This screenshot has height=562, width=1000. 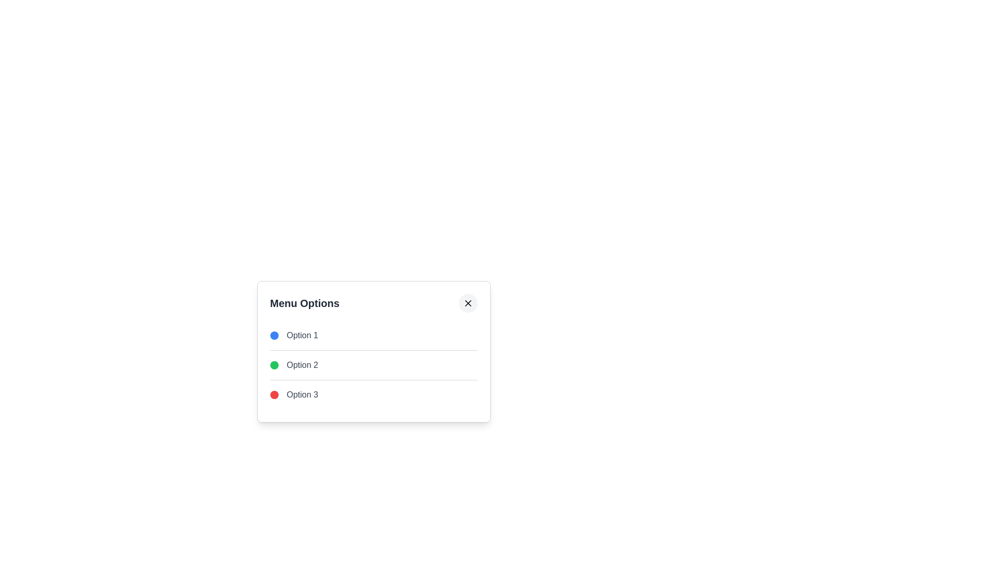 What do you see at coordinates (467, 303) in the screenshot?
I see `the X-shaped icon button in the top-right corner of the 'Menu Options' card` at bounding box center [467, 303].